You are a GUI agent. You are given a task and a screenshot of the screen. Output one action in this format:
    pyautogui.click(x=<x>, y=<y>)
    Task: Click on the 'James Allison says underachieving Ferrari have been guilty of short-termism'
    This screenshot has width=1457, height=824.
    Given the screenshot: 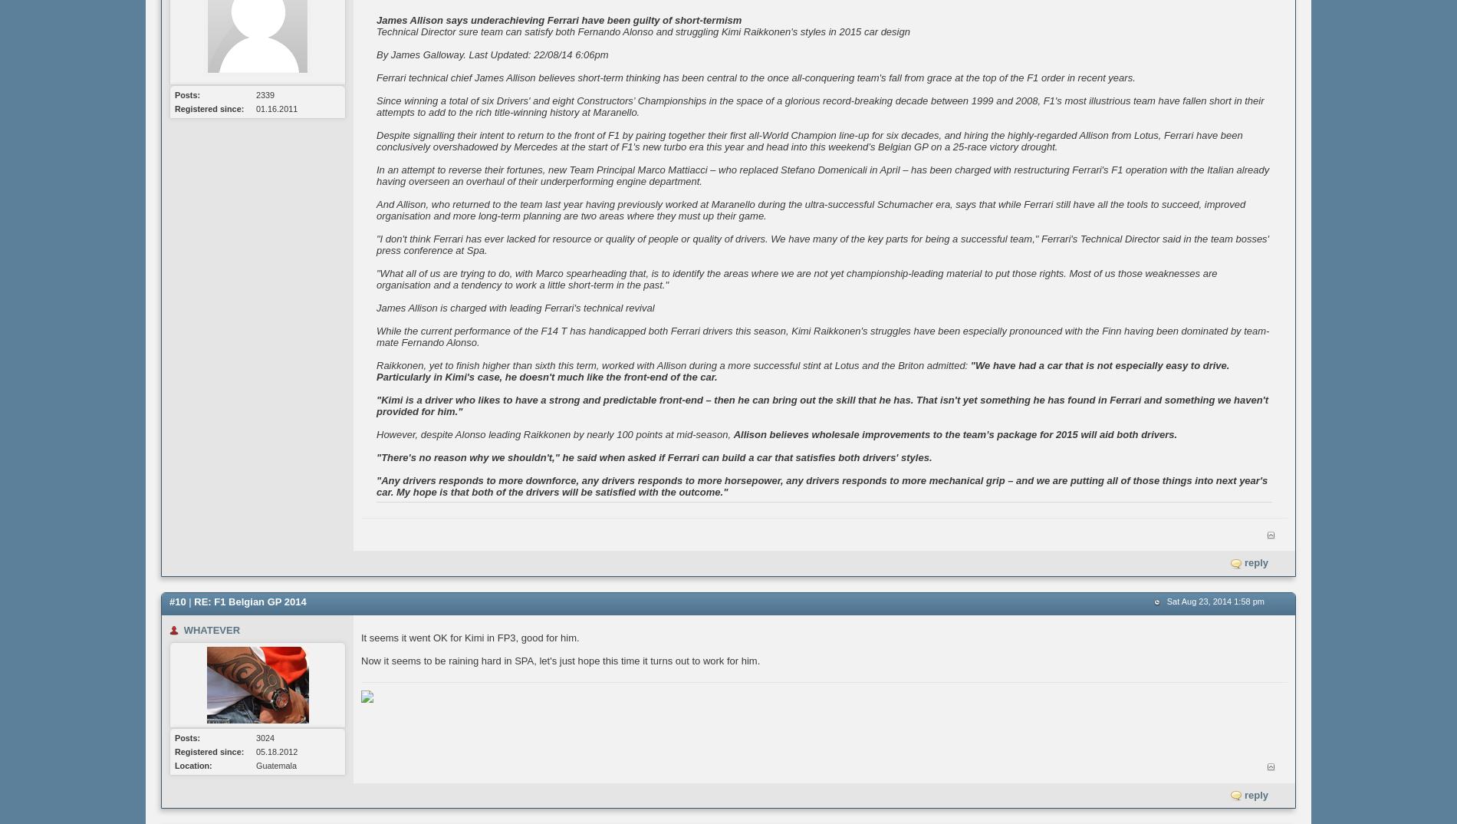 What is the action you would take?
    pyautogui.click(x=558, y=19)
    